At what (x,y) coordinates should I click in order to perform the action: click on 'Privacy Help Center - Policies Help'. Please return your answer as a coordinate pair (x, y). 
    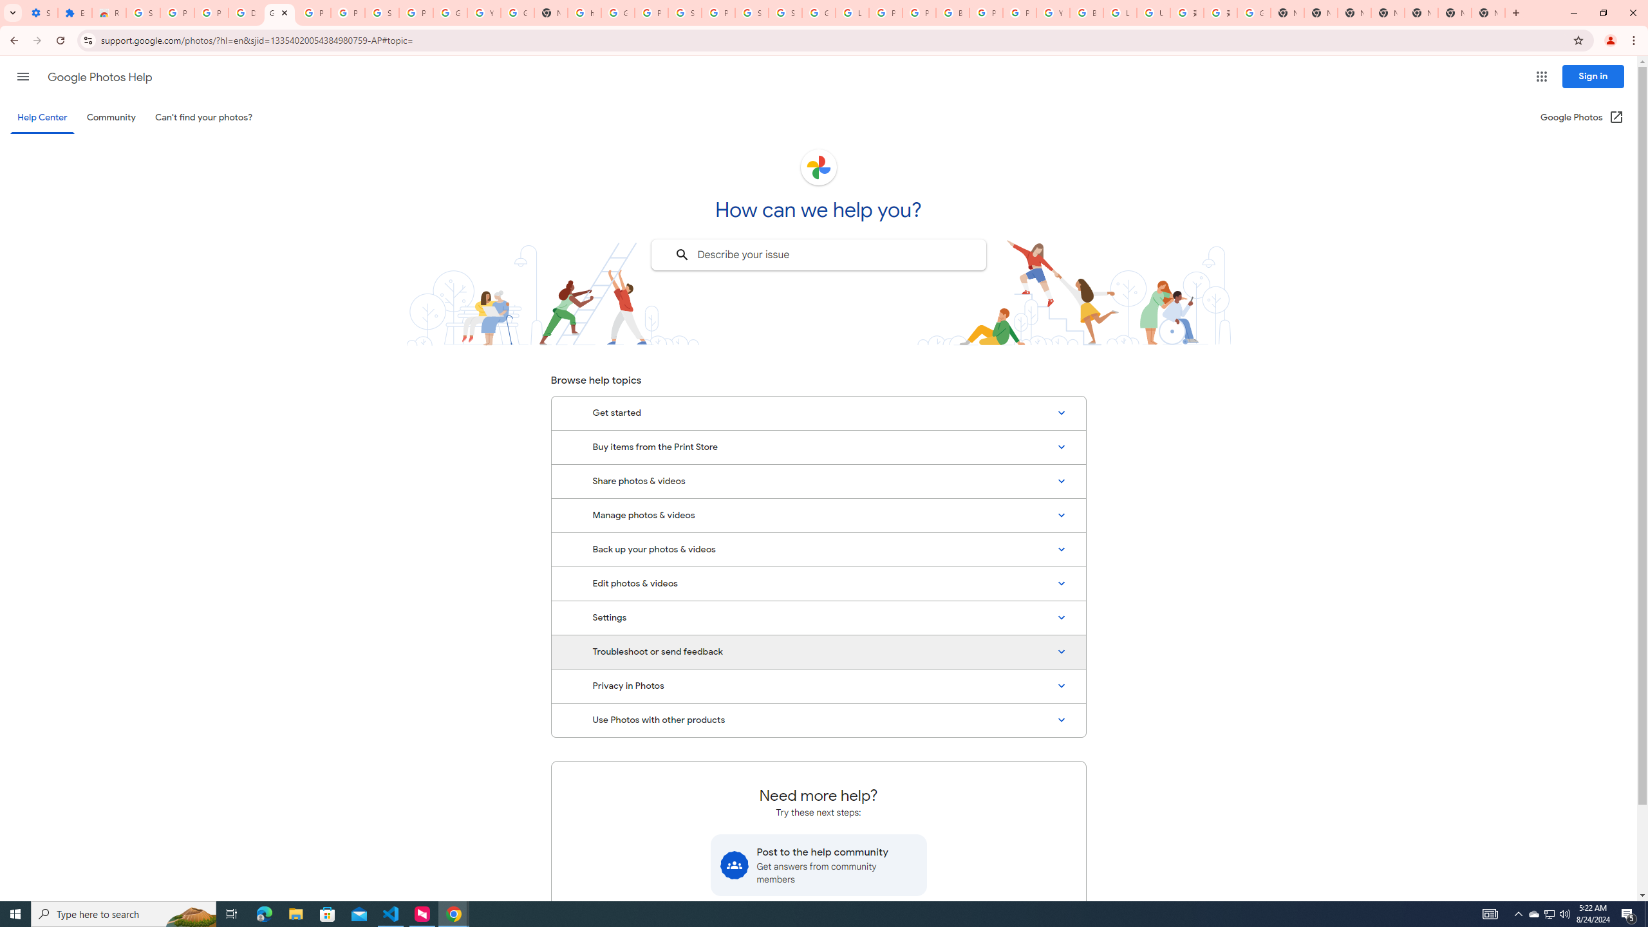
    Looking at the image, I should click on (918, 12).